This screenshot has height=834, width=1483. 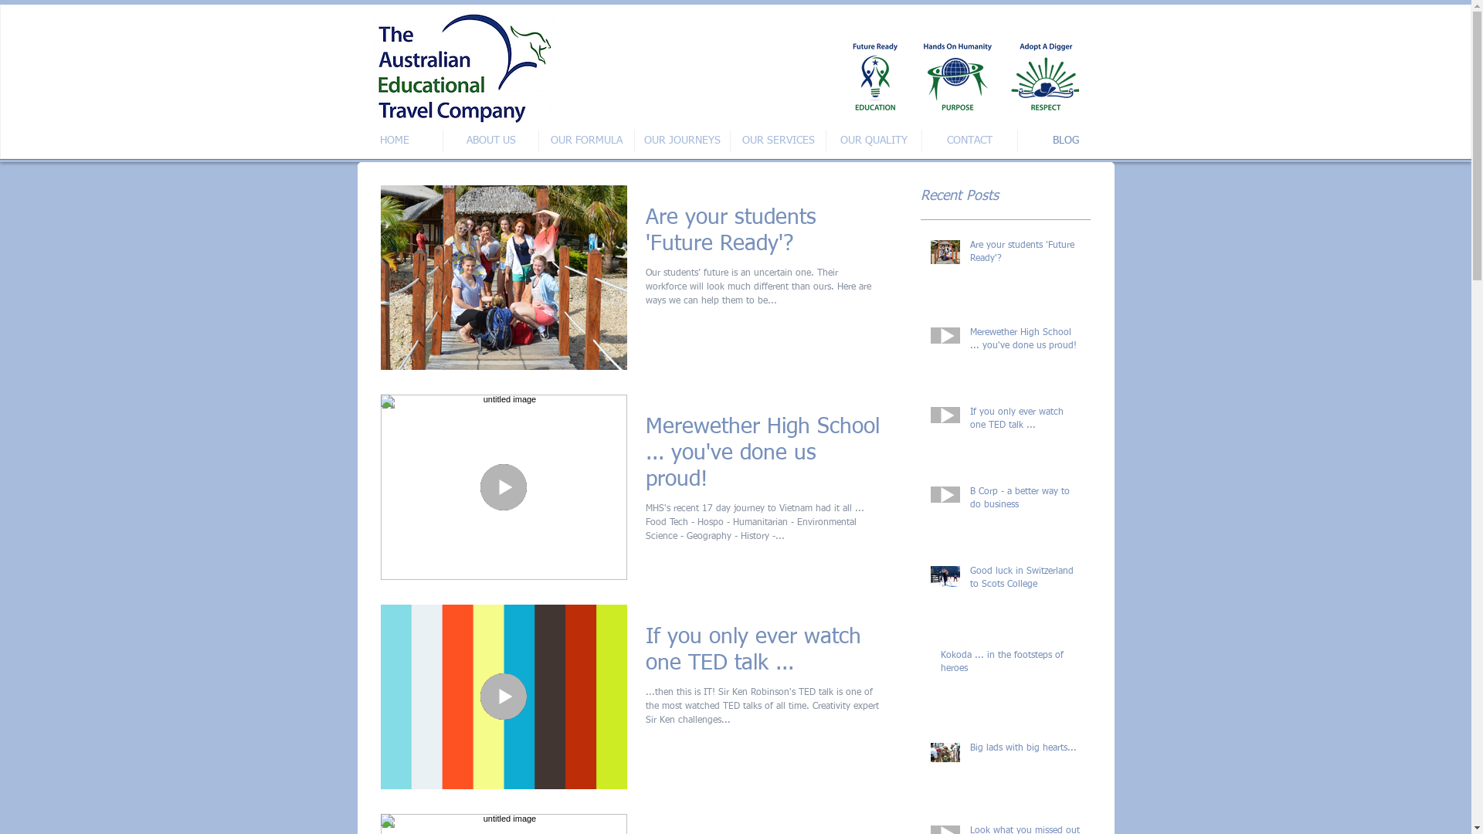 I want to click on 'BLOG', so click(x=1064, y=141).